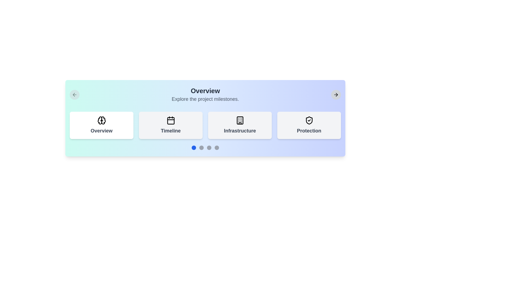  What do you see at coordinates (336, 95) in the screenshot?
I see `the circular button with a gray background and a rightward-facing arrow icon` at bounding box center [336, 95].